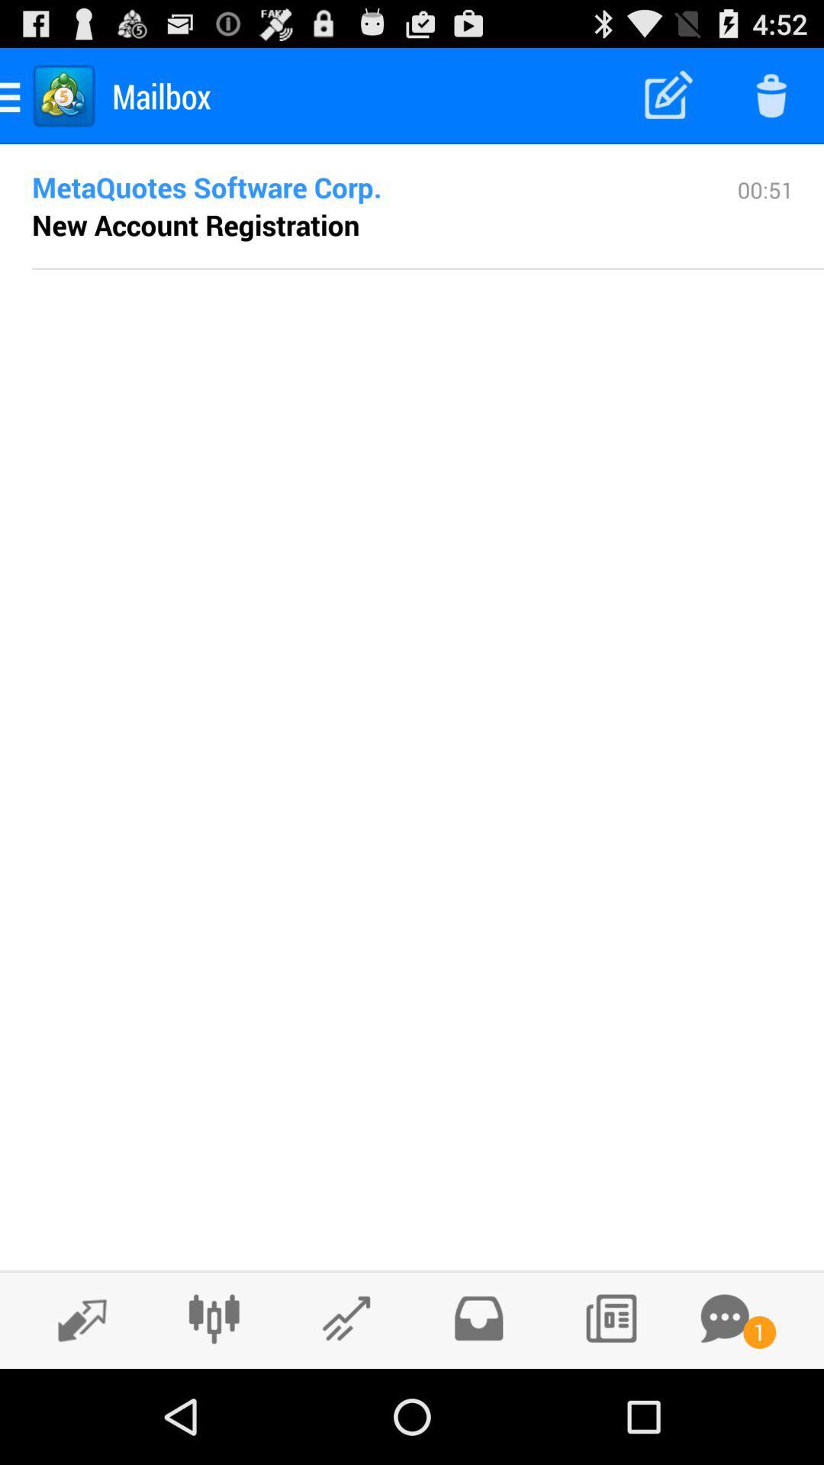 The height and width of the screenshot is (1465, 824). Describe the element at coordinates (195, 224) in the screenshot. I see `new account registration` at that location.